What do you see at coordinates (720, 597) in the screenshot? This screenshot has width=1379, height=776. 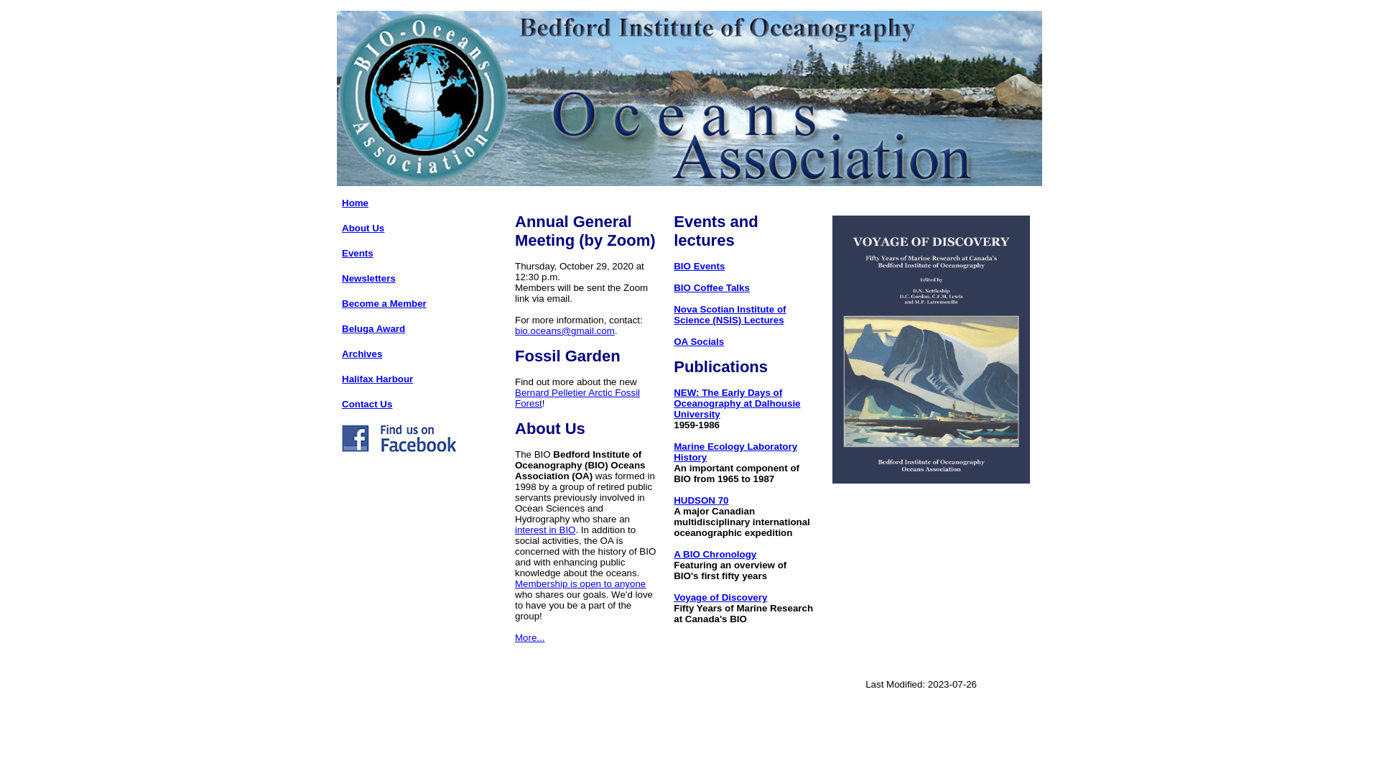 I see `'Voyage of Discovery'` at bounding box center [720, 597].